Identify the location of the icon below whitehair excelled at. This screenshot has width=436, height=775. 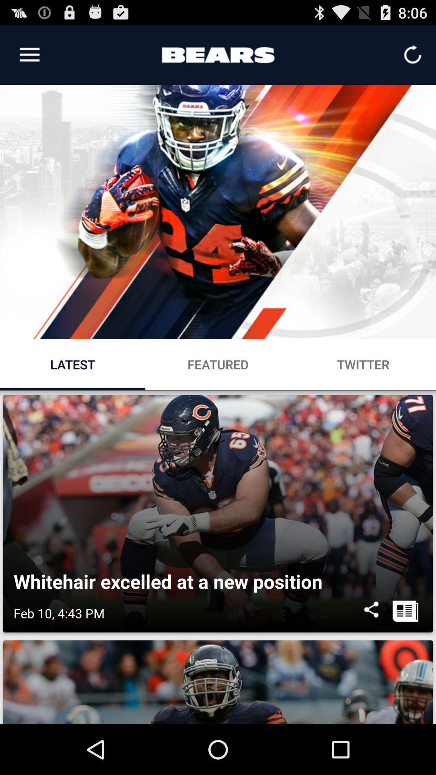
(371, 613).